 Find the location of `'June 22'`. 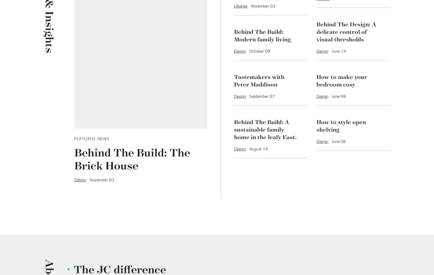

'June 22' is located at coordinates (340, 73).